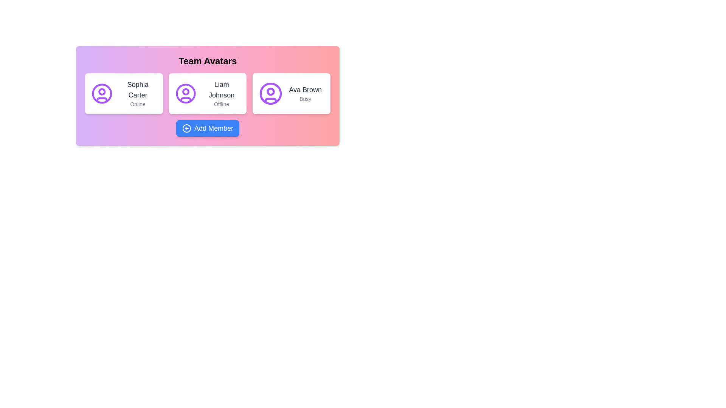  Describe the element at coordinates (101, 93) in the screenshot. I see `the SVG user avatar icon styled with a purple circular outline located in the top-left corner of the 'Team Avatars' group` at that location.